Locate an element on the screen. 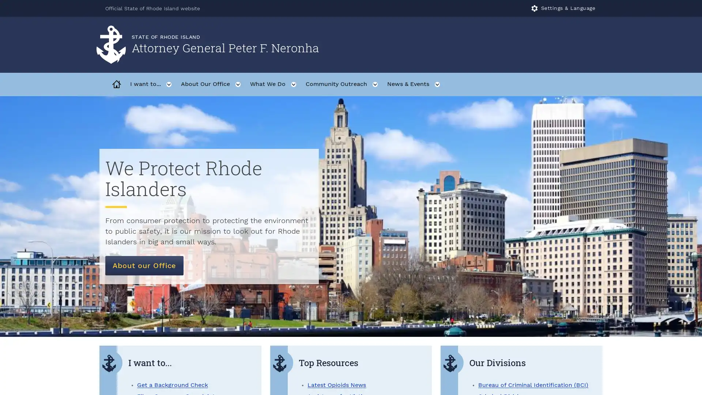  Submit is located at coordinates (593, 45).